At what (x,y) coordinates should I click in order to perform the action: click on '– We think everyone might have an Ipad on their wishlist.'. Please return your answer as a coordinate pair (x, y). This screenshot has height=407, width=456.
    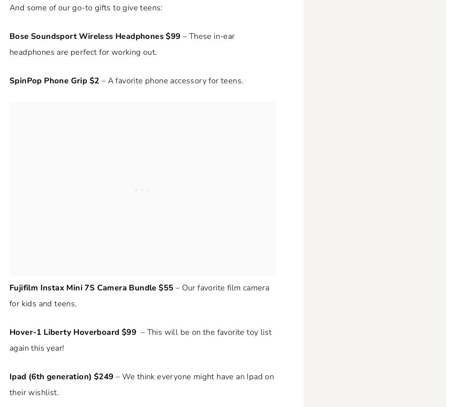
    Looking at the image, I should click on (142, 384).